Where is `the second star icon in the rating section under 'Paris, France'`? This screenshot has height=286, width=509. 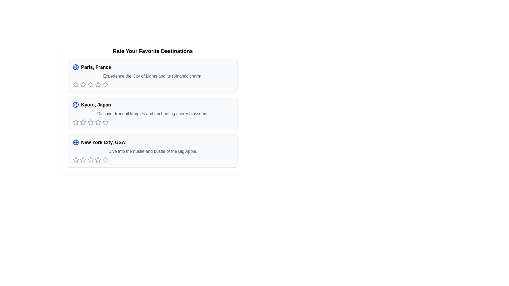 the second star icon in the rating section under 'Paris, France' is located at coordinates (83, 84).